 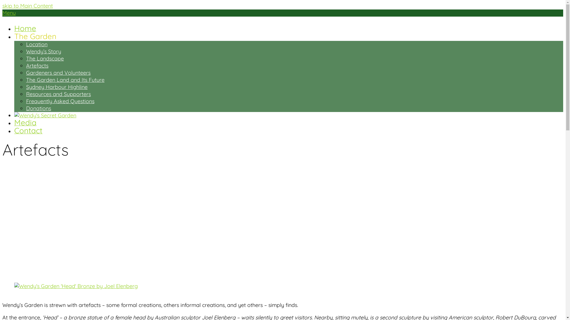 What do you see at coordinates (57, 87) in the screenshot?
I see `'Sydney Harbour Highline'` at bounding box center [57, 87].